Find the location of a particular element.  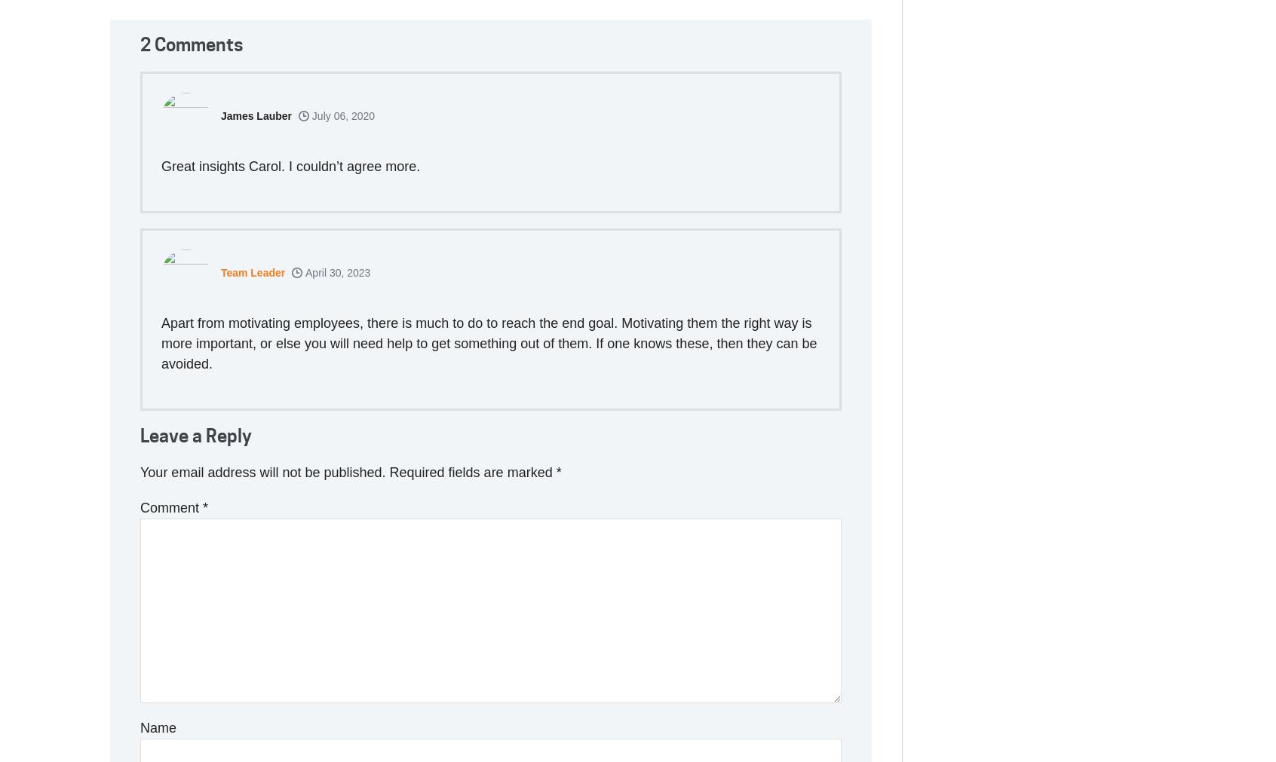

'Your email address will not be published.' is located at coordinates (262, 472).